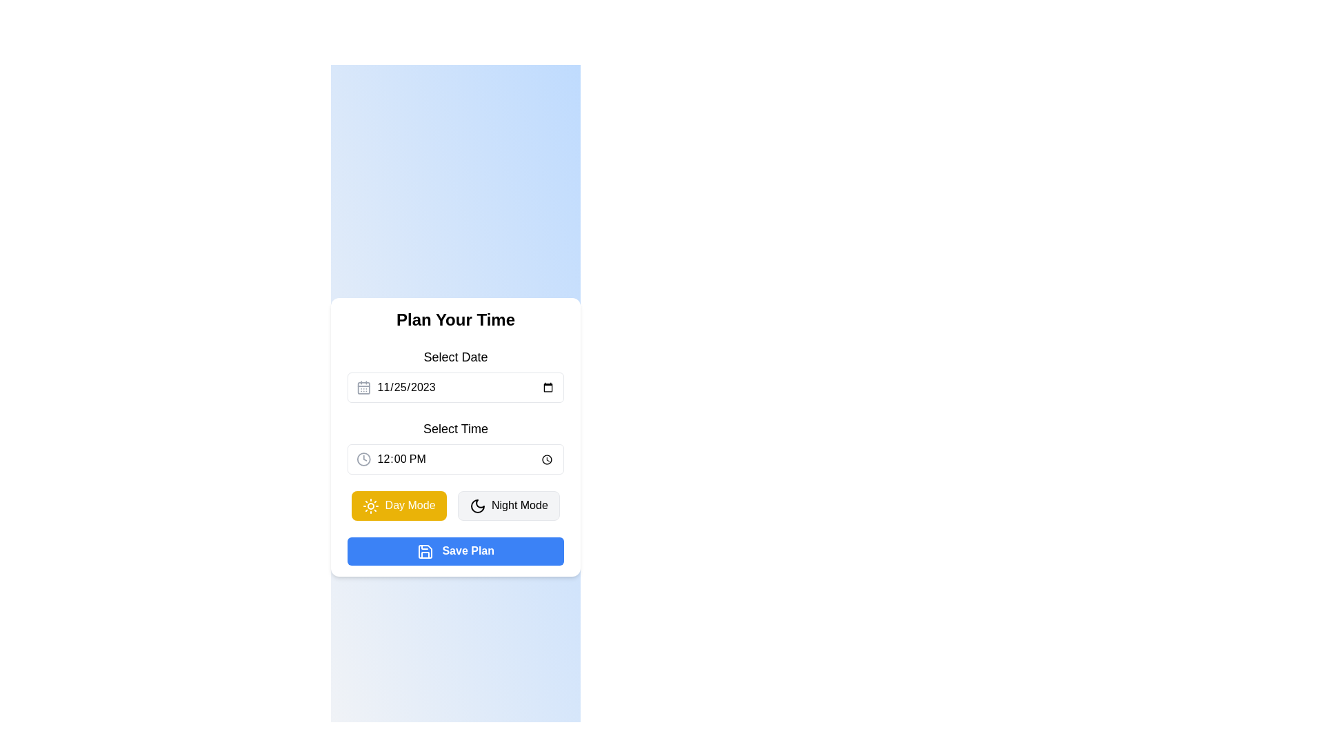 Image resolution: width=1324 pixels, height=745 pixels. Describe the element at coordinates (398, 506) in the screenshot. I see `the 'Day Mode' button, a rectangular button with rounded corners, yellow background, and white text` at that location.